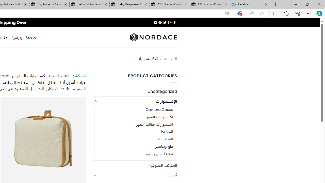 Image resolution: width=325 pixels, height=183 pixels. I want to click on 'Follow on YouTube', so click(155, 22).